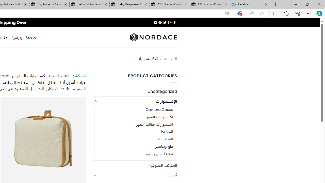 Image resolution: width=325 pixels, height=183 pixels. I want to click on 'Follow on YouTube', so click(155, 22).